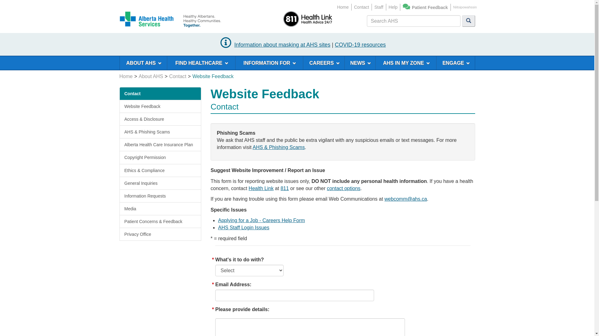  Describe the element at coordinates (125, 76) in the screenshot. I see `'Home'` at that location.